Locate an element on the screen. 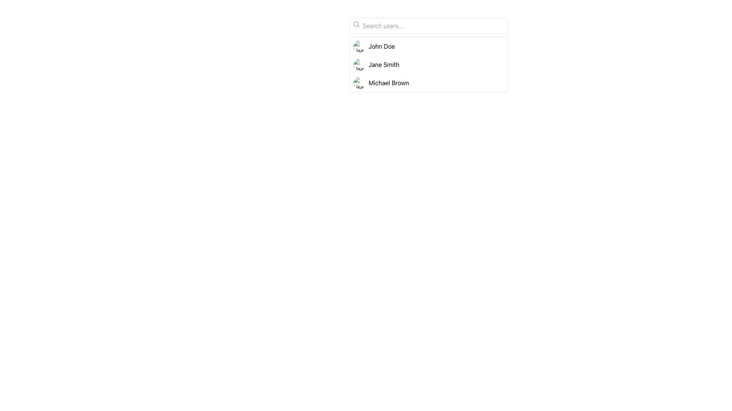  the user avatar image for 'John Doe', which is located at the top-left corner of his entry in the user list is located at coordinates (359, 46).